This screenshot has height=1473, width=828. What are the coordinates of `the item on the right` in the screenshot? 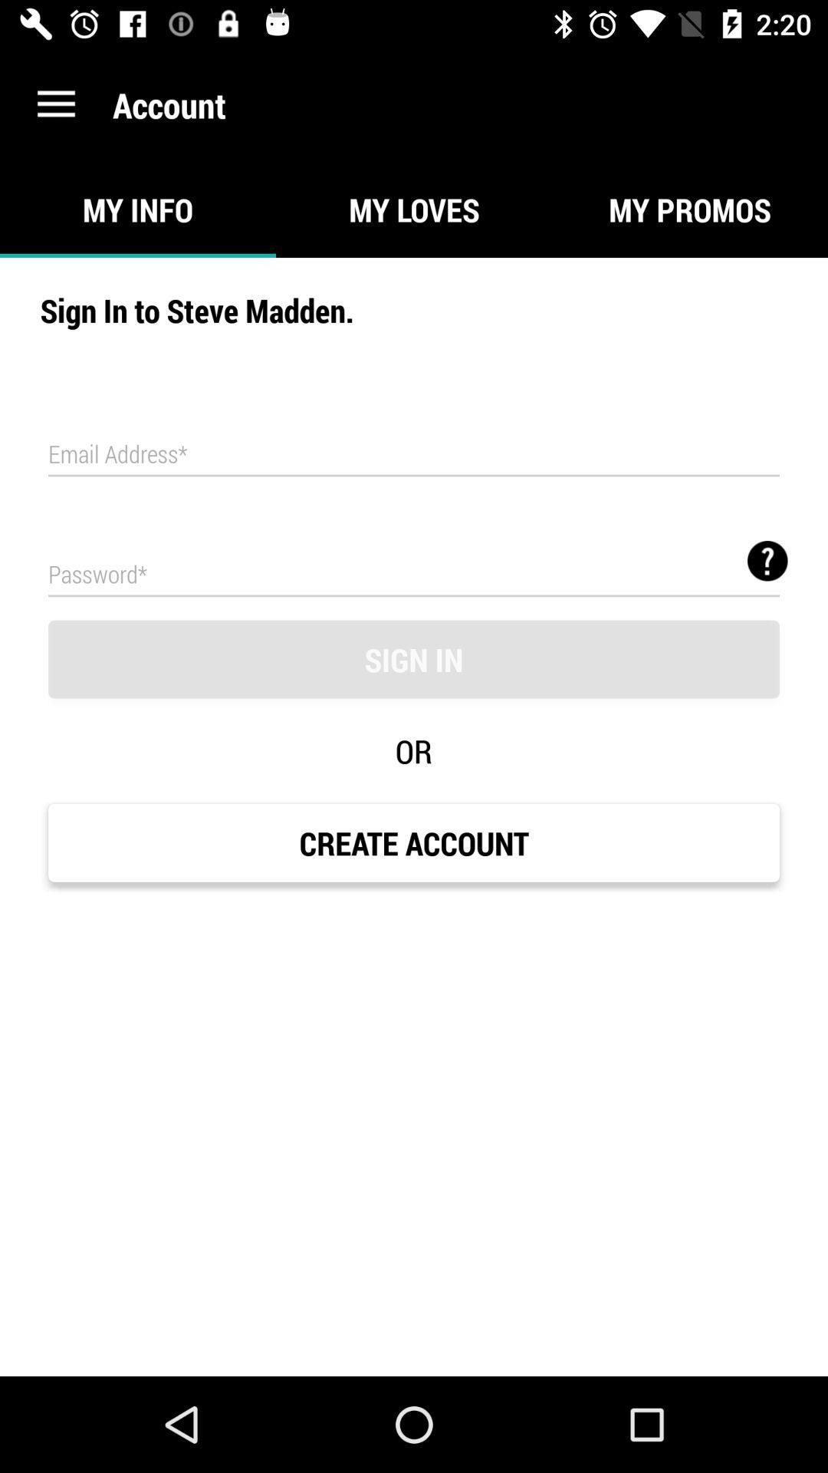 It's located at (767, 560).